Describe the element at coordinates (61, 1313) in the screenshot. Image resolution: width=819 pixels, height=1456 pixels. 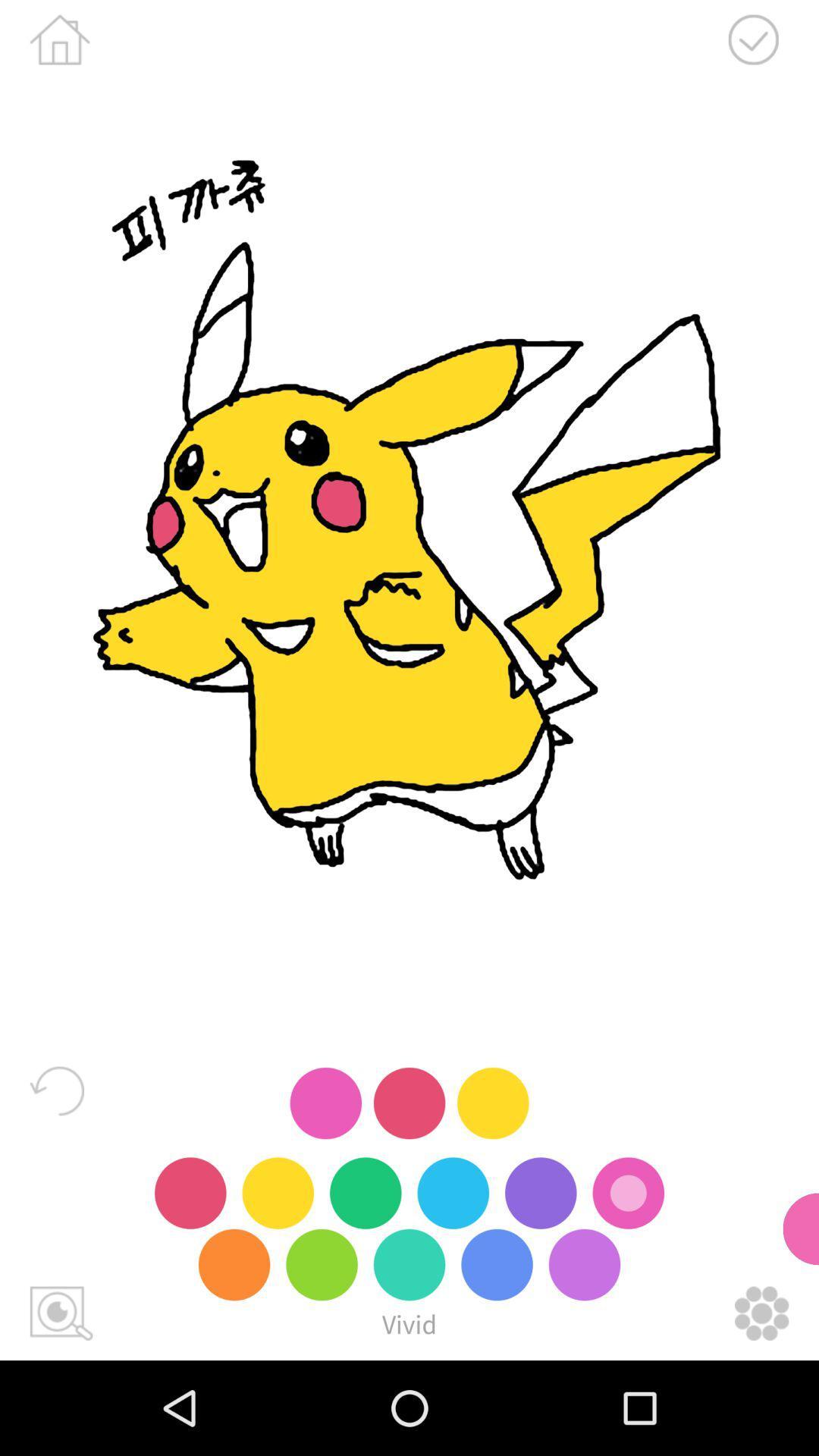
I see `the search icon` at that location.